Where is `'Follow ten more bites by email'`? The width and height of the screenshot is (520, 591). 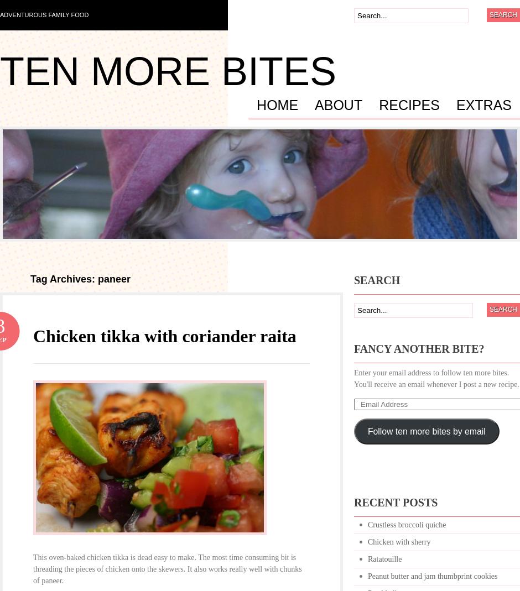
'Follow ten more bites by email' is located at coordinates (425, 431).